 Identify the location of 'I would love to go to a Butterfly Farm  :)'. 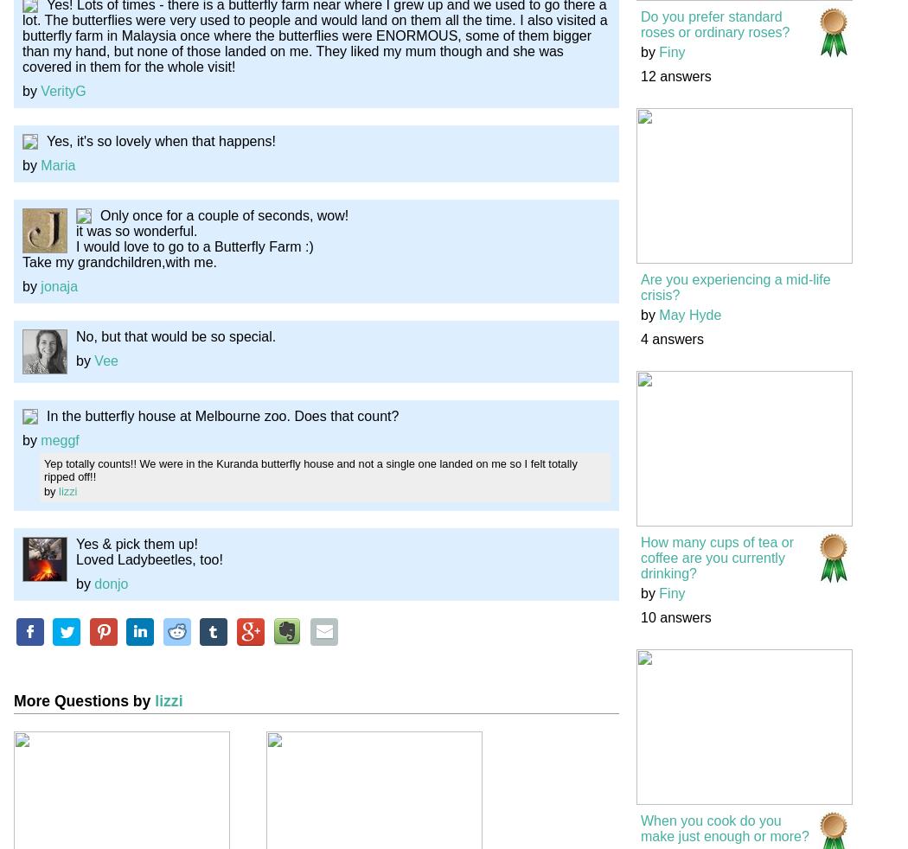
(75, 246).